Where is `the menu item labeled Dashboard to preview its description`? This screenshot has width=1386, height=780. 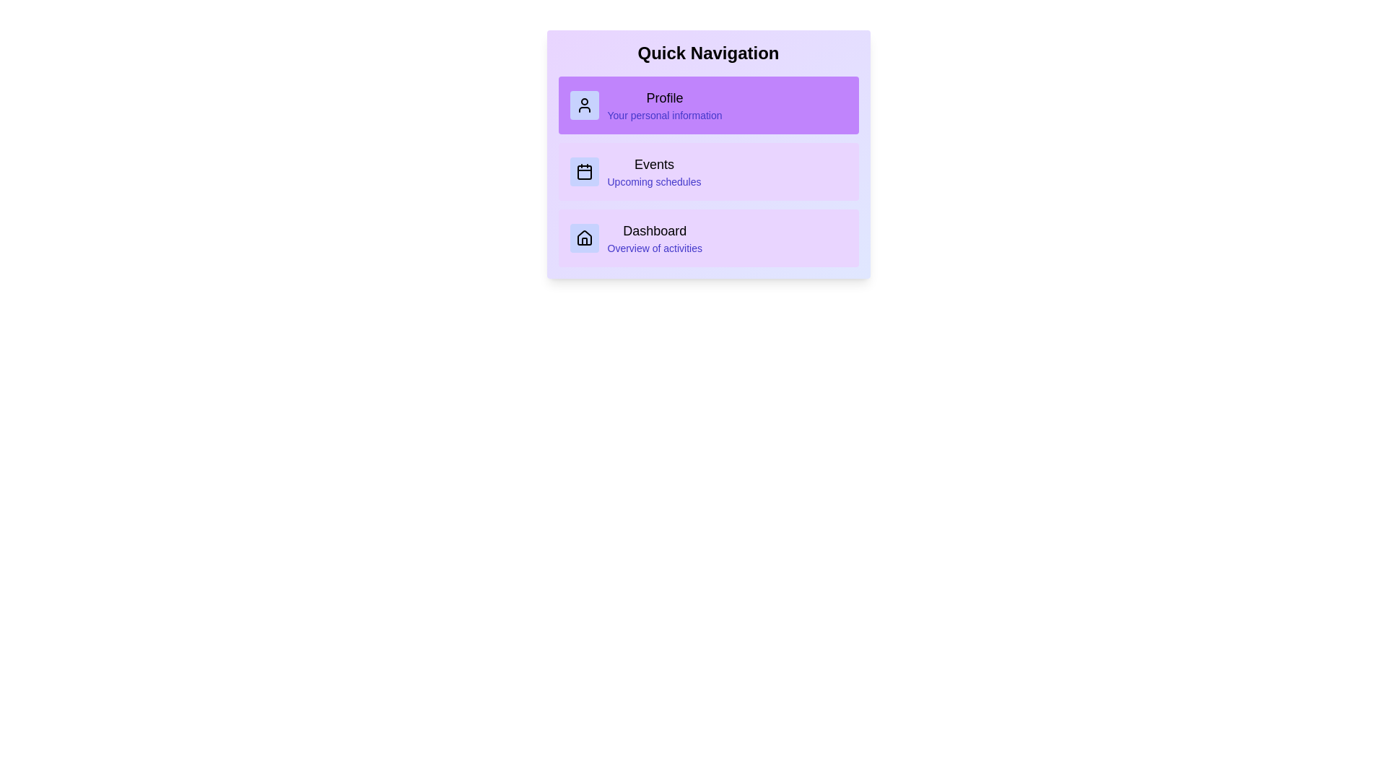 the menu item labeled Dashboard to preview its description is located at coordinates (708, 238).